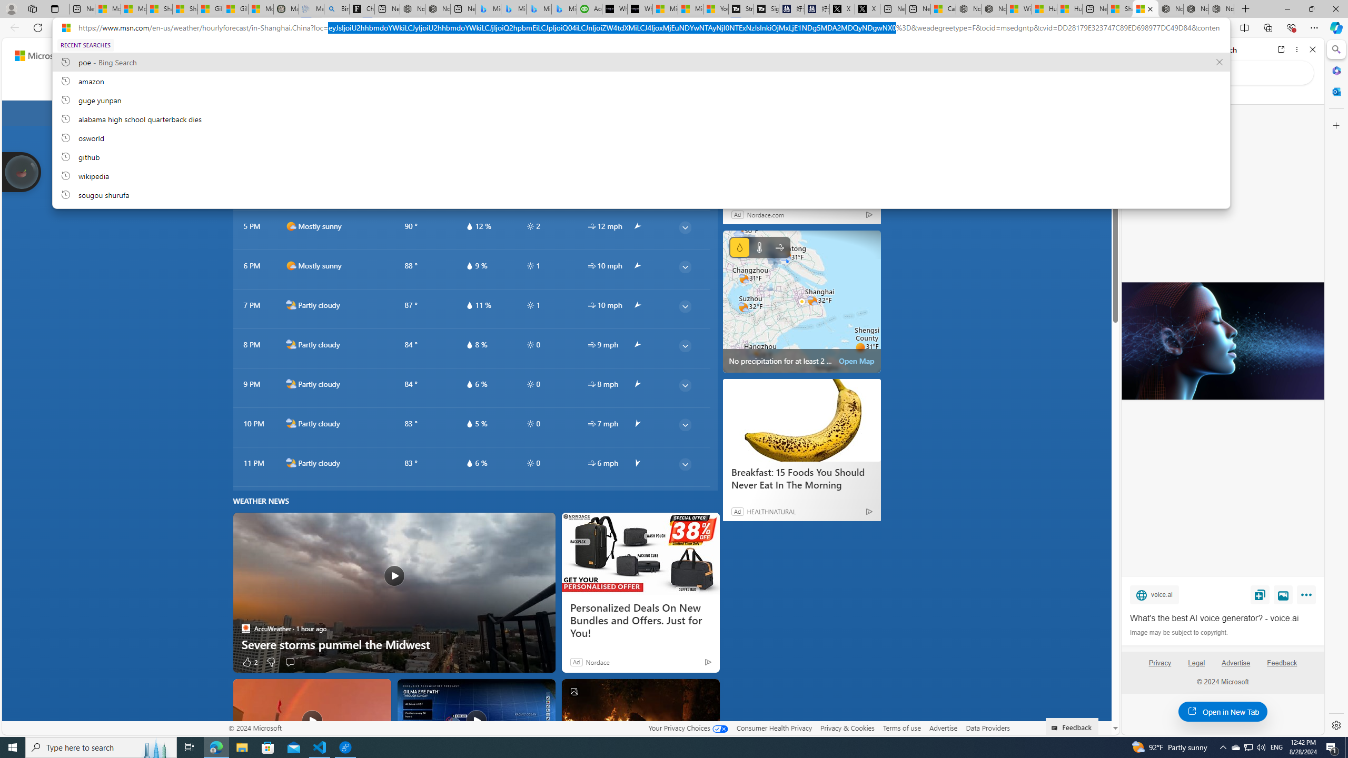 The width and height of the screenshot is (1348, 758). I want to click on 'Accounting Software for Accountants, CPAs and Bookkeepers', so click(590, 8).